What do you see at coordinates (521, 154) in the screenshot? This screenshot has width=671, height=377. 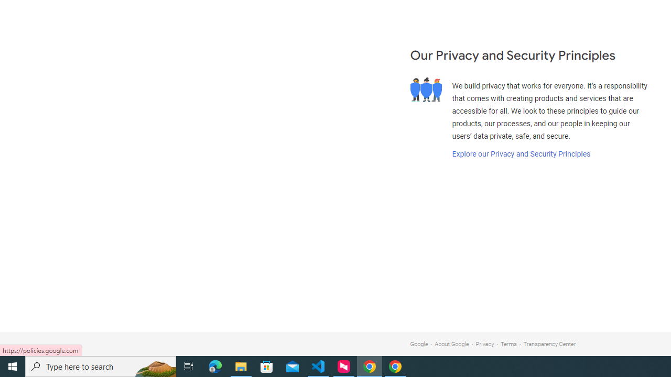 I see `'Explore our Privacy and Security Principles'` at bounding box center [521, 154].